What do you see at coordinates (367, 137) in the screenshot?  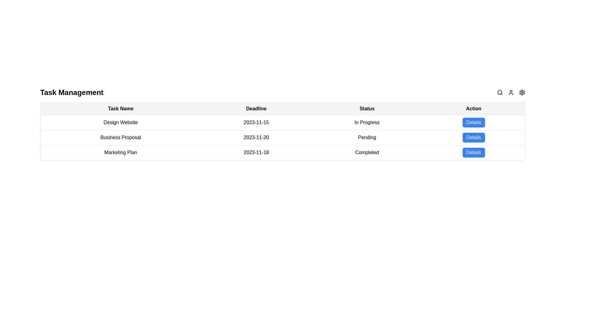 I see `the static text label indicating the status of the task marked as 'Pending' in the task management table` at bounding box center [367, 137].